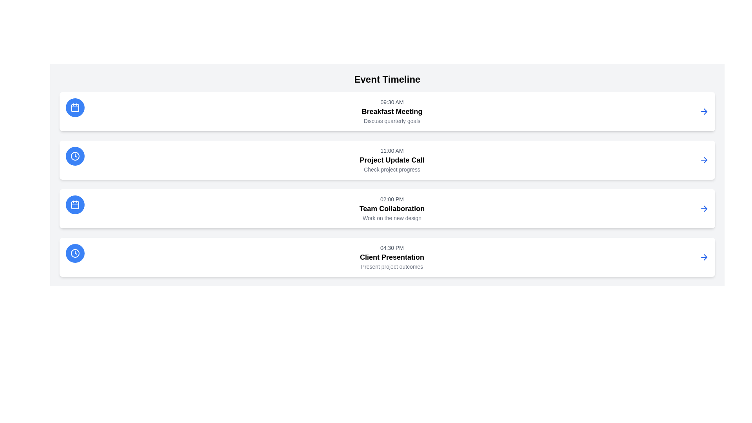 The image size is (752, 423). I want to click on the blue right-pointing arrow icon styled button located at the far right within the third entry of the timeline, so click(704, 208).